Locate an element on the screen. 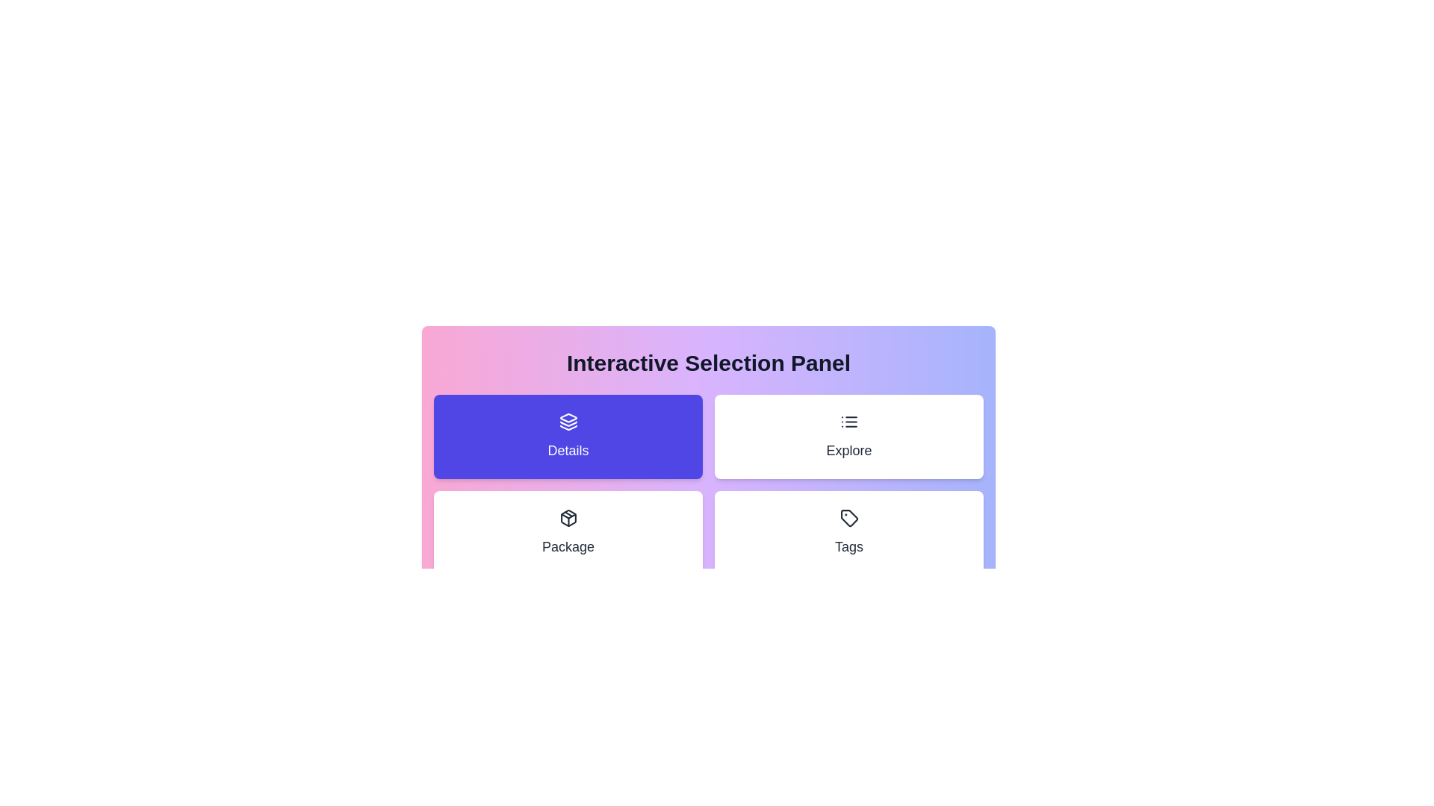 The image size is (1434, 806). the package icon located in the lower left card of the four-card grid, which is outlined in dark color and styled on a light background is located at coordinates (568, 517).